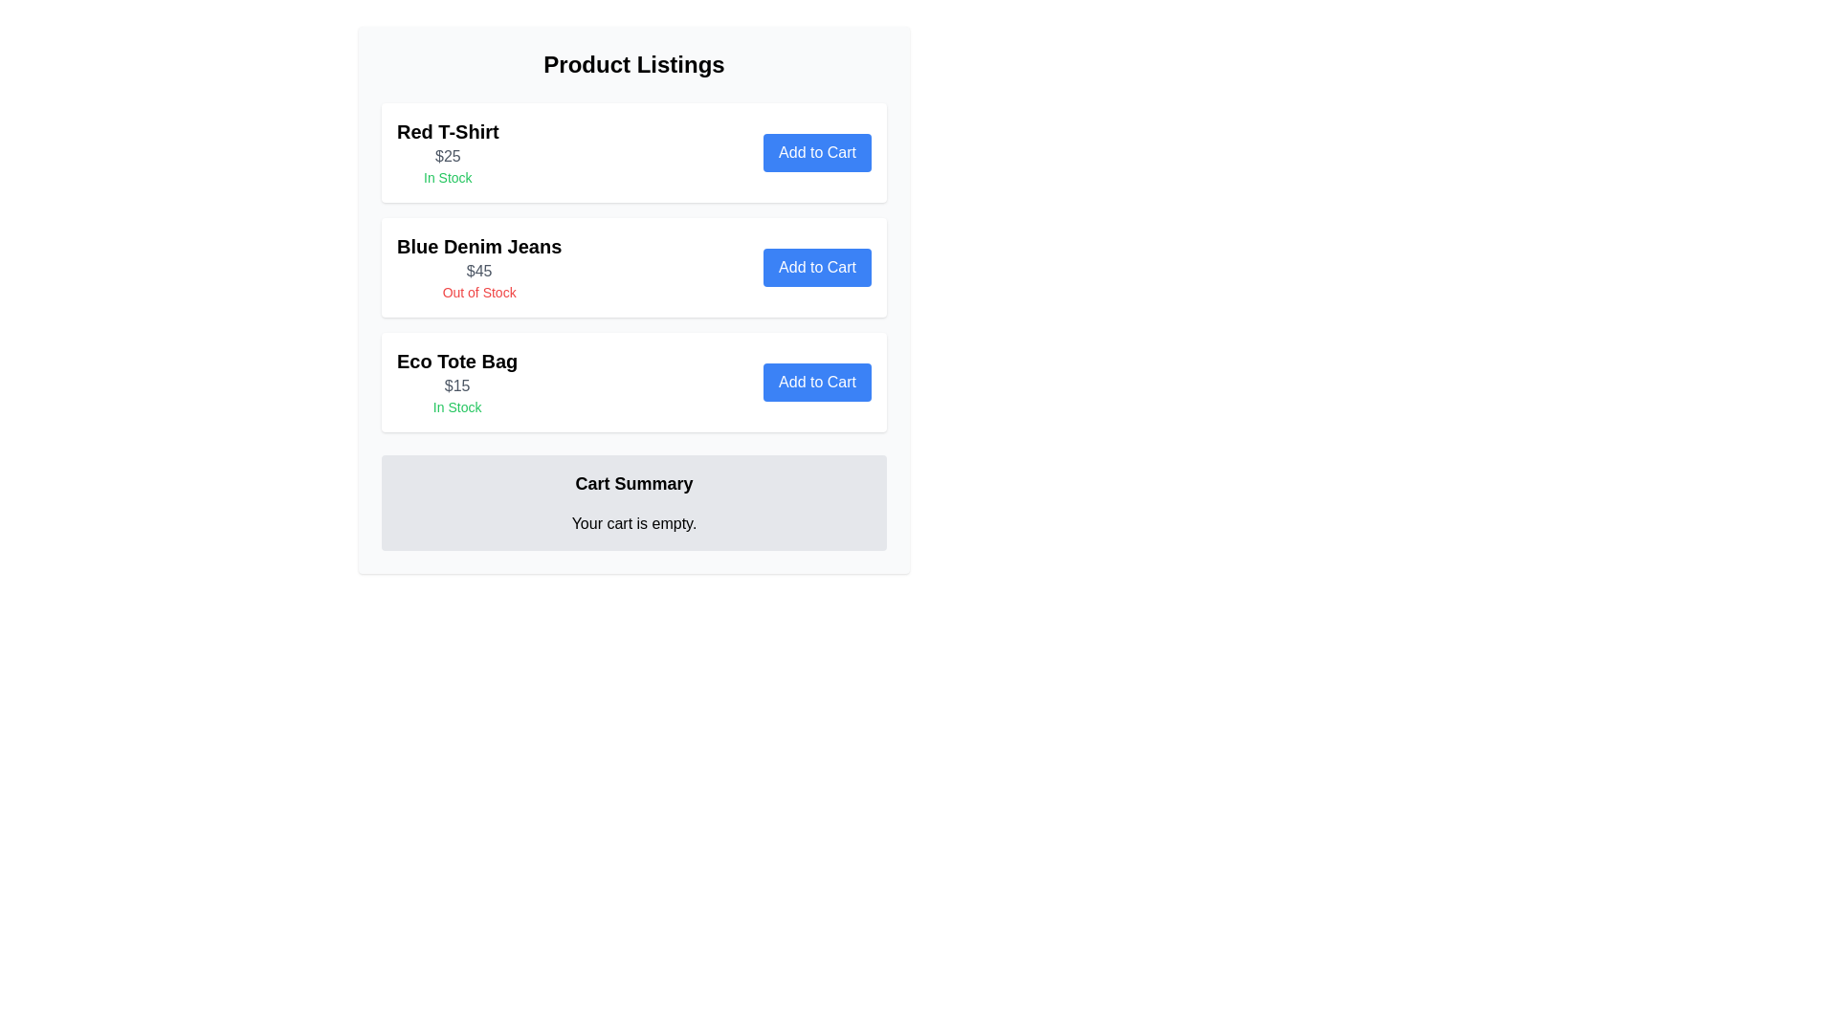  Describe the element at coordinates (447, 151) in the screenshot. I see `the Product information display that shows 'Red T-Shirt', priced at '$25', with stock status 'In Stock'` at that location.